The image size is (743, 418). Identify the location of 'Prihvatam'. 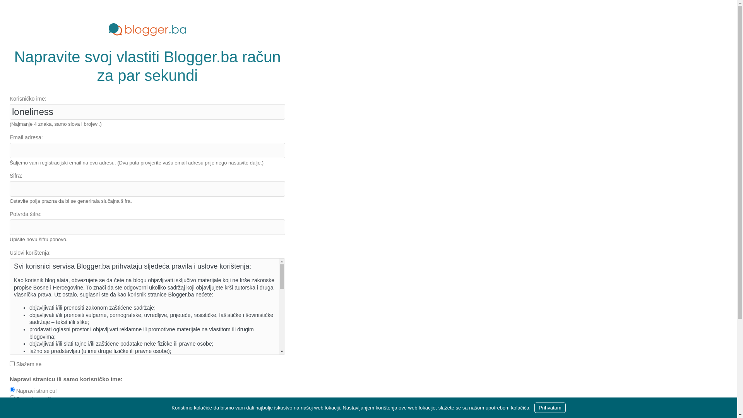
(550, 407).